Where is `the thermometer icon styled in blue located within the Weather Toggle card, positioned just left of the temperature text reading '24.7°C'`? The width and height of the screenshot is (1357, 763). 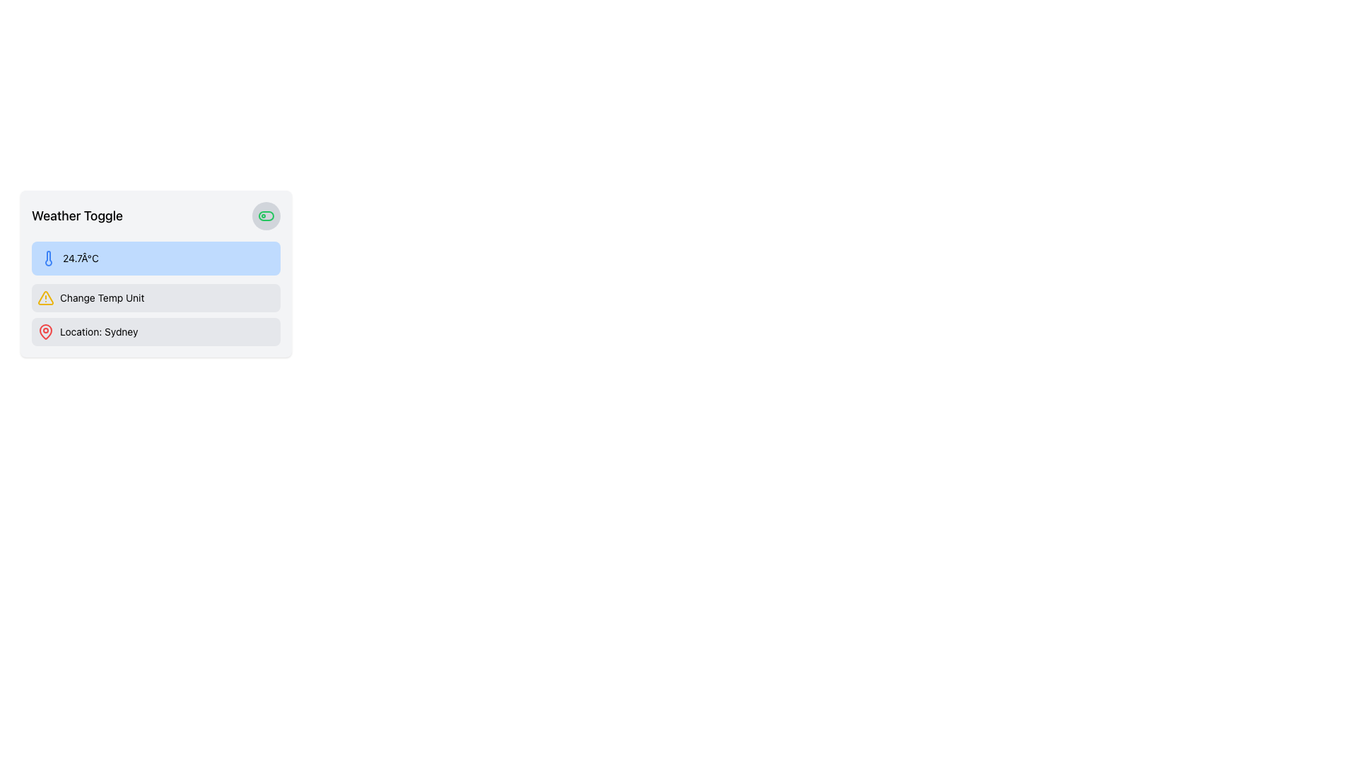
the thermometer icon styled in blue located within the Weather Toggle card, positioned just left of the temperature text reading '24.7°C' is located at coordinates (48, 259).